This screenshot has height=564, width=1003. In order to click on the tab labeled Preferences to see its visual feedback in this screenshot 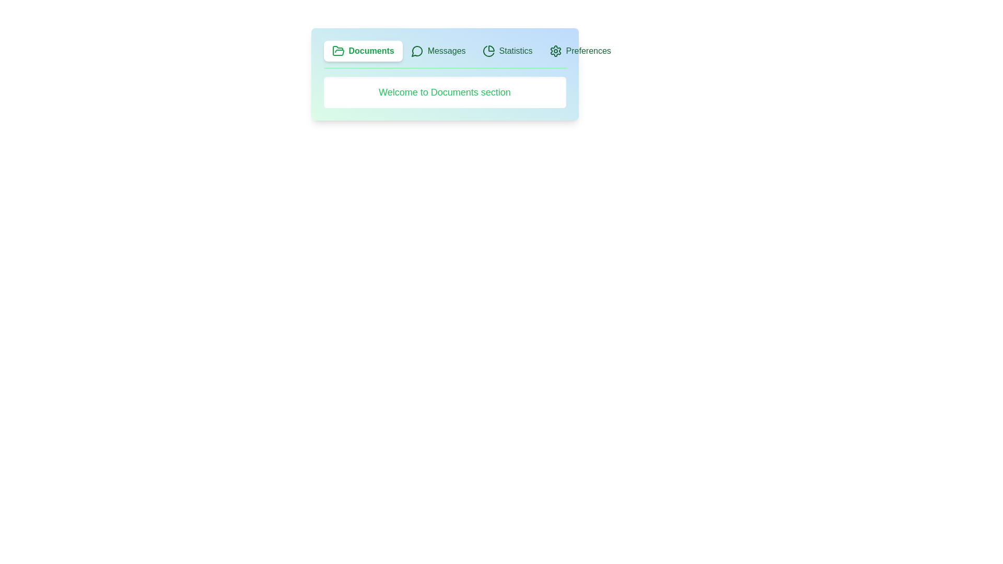, I will do `click(579, 51)`.